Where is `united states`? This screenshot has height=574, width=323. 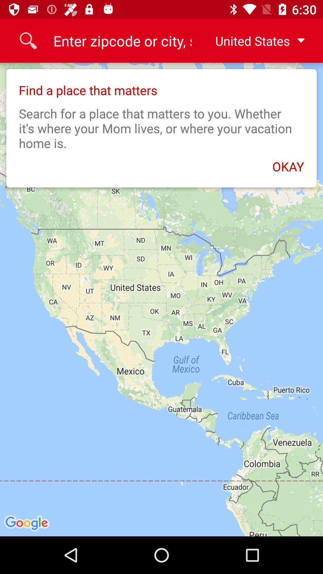 united states is located at coordinates (255, 40).